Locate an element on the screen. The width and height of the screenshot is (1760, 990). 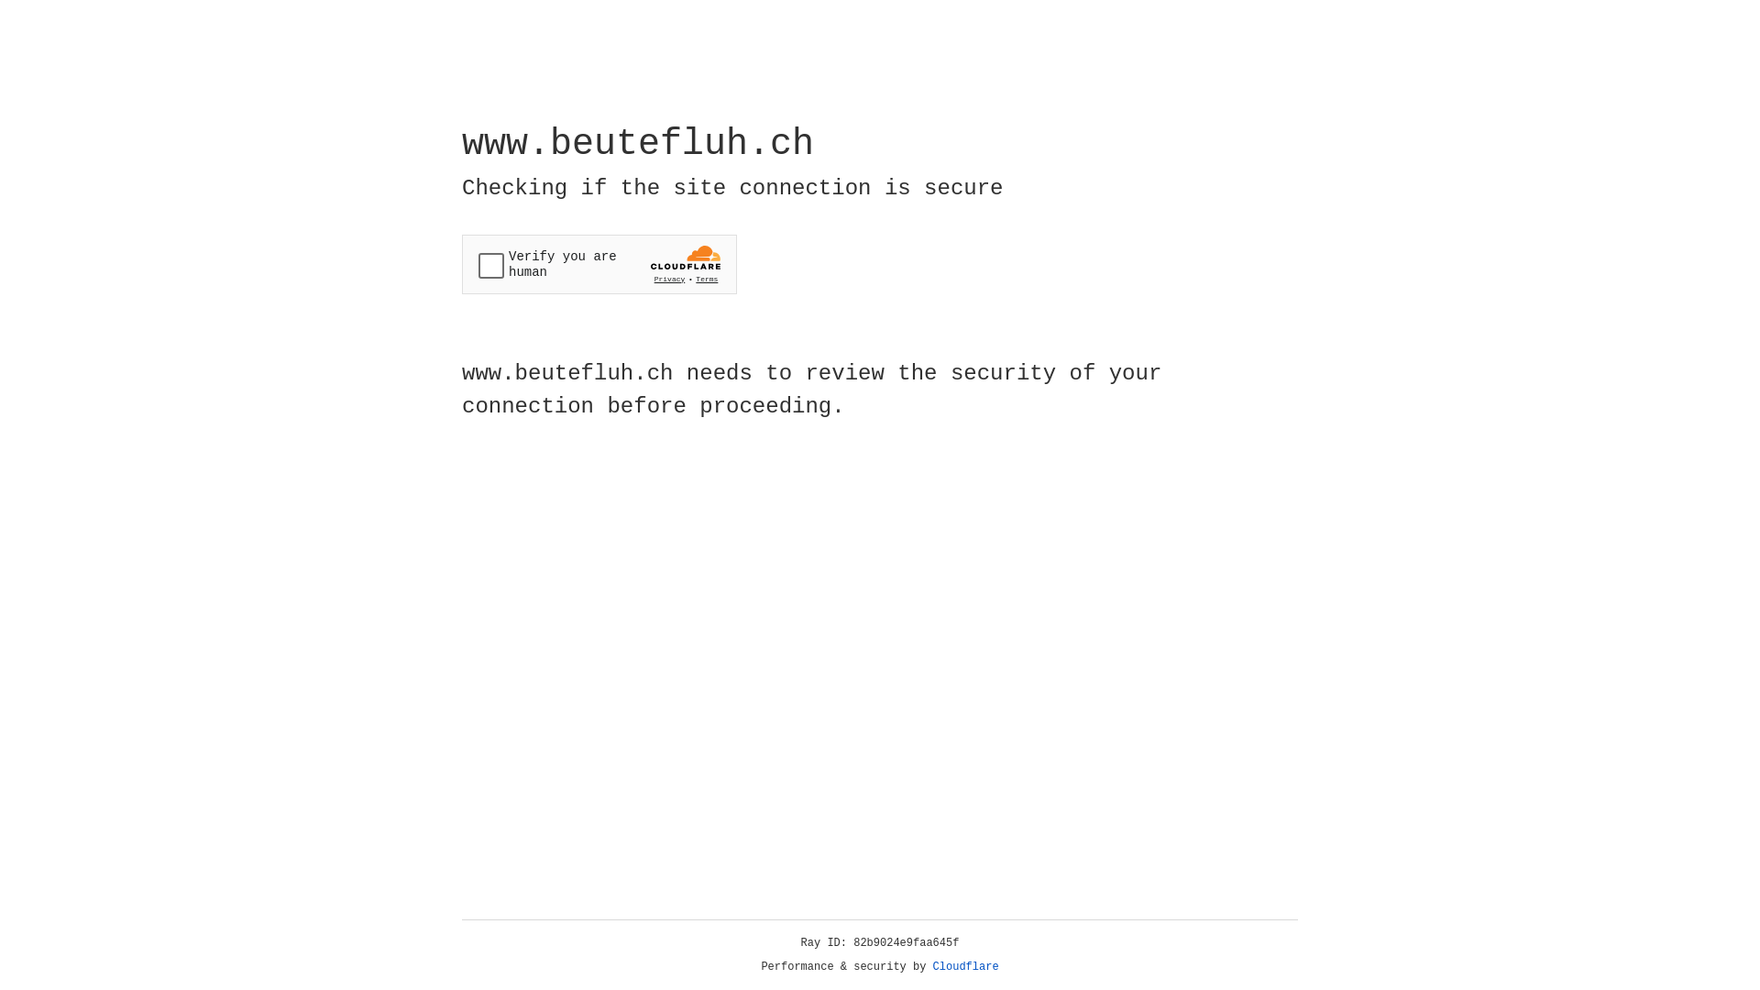
'Cloudflare' is located at coordinates (932, 966).